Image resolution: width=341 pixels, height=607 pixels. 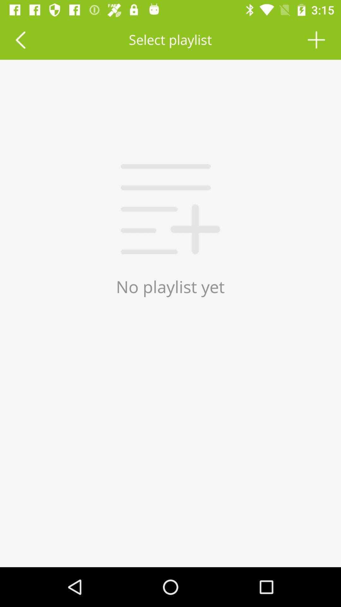 I want to click on return, so click(x=20, y=39).